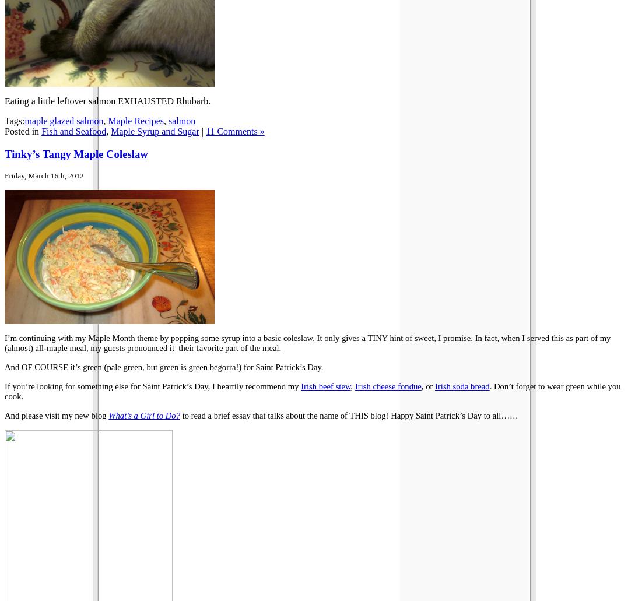  What do you see at coordinates (182, 120) in the screenshot?
I see `'salmon'` at bounding box center [182, 120].